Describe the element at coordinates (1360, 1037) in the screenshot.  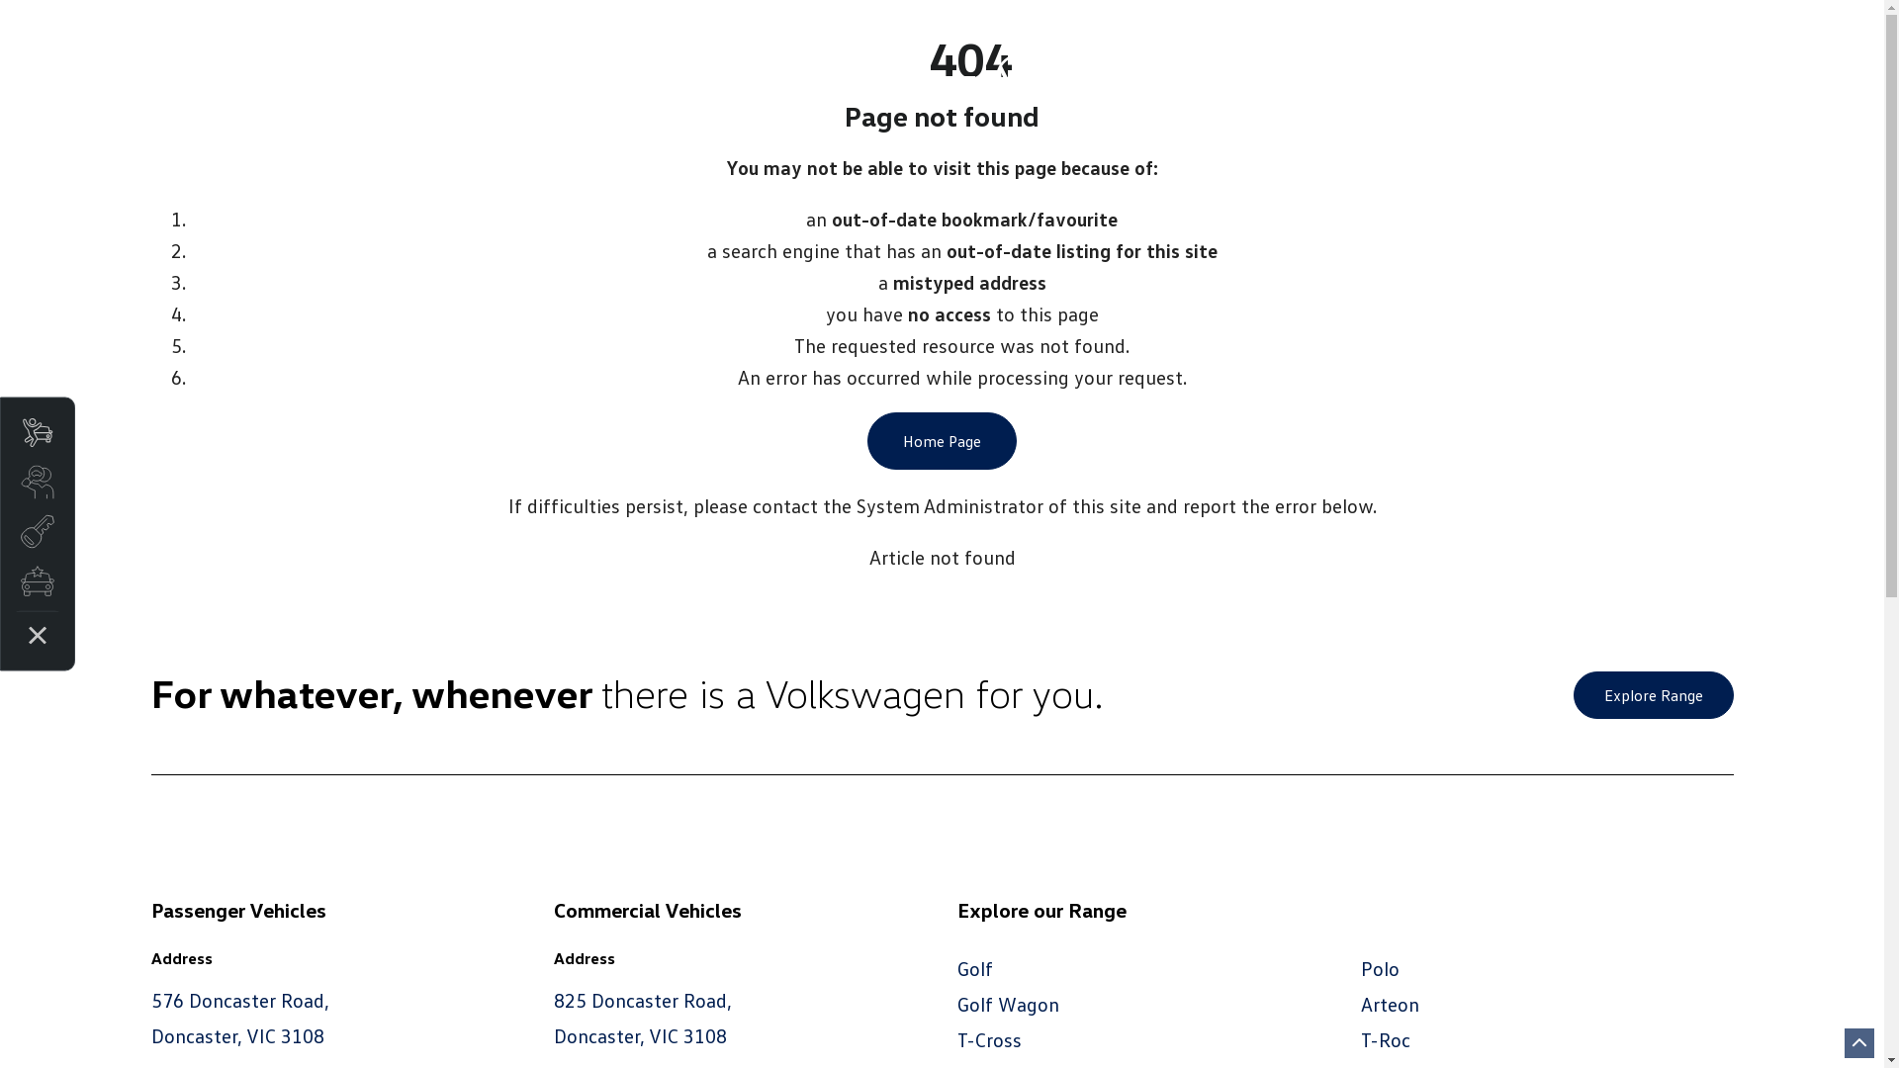
I see `'T-Roc'` at that location.